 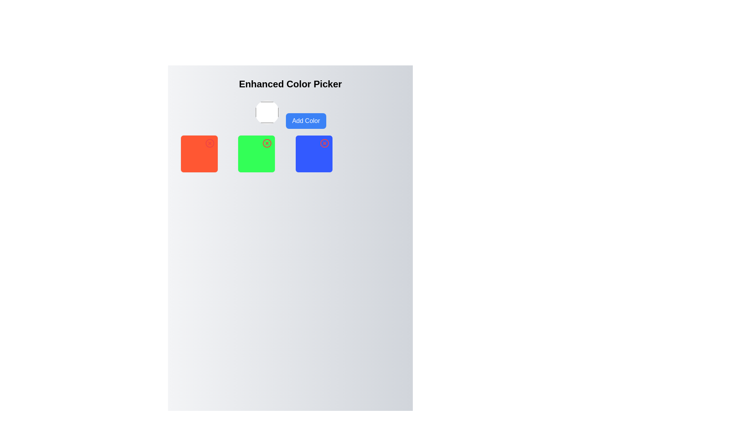 I want to click on the interactive color selection box with a bright green background, so click(x=257, y=154).